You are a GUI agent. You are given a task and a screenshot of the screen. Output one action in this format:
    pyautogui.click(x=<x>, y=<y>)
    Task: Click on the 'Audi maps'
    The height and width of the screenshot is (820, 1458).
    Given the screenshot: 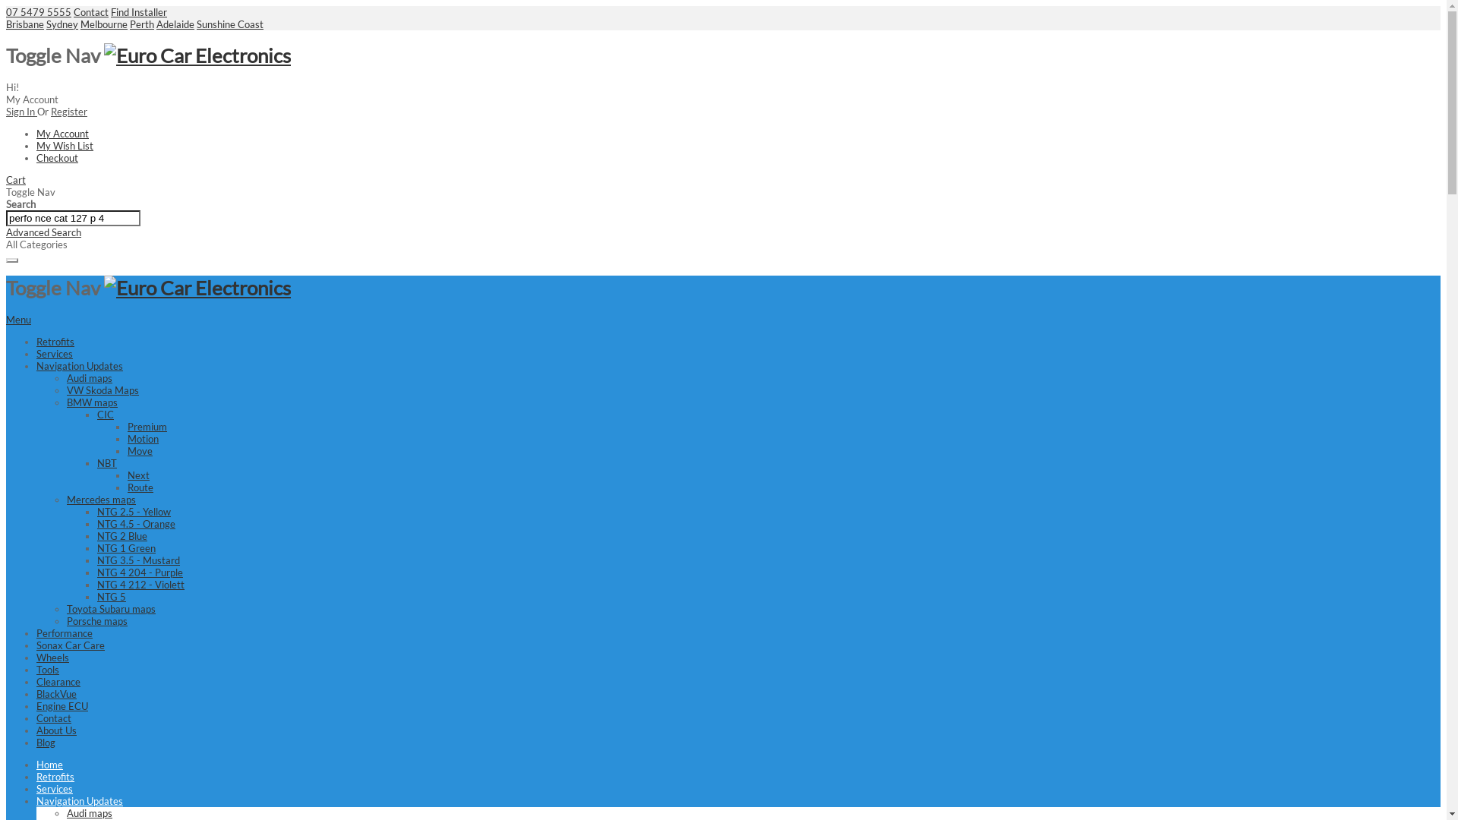 What is the action you would take?
    pyautogui.click(x=89, y=812)
    